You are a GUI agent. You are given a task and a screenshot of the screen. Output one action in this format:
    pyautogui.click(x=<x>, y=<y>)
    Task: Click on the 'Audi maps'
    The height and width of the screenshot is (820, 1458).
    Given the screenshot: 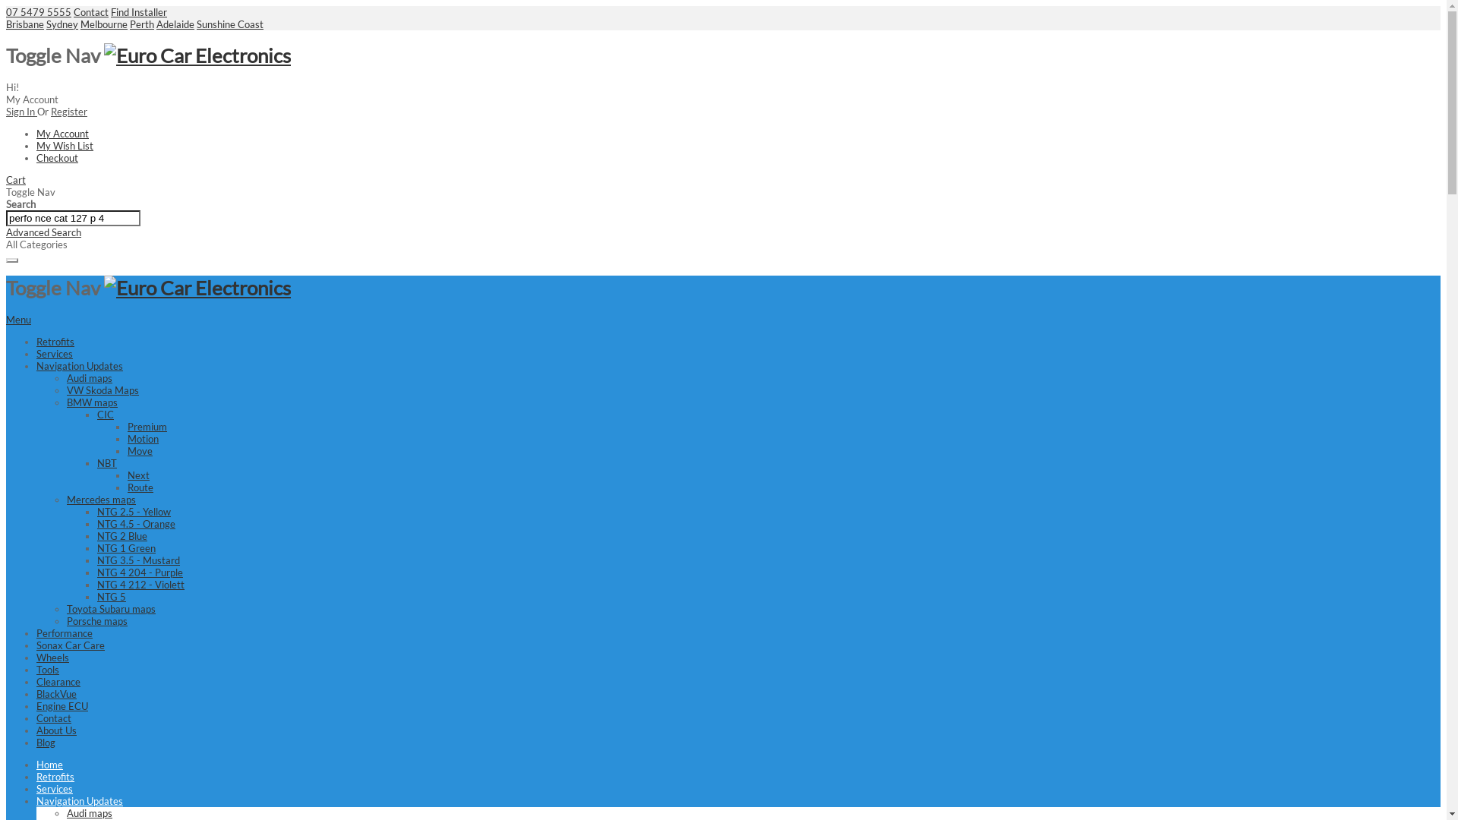 What is the action you would take?
    pyautogui.click(x=89, y=812)
    